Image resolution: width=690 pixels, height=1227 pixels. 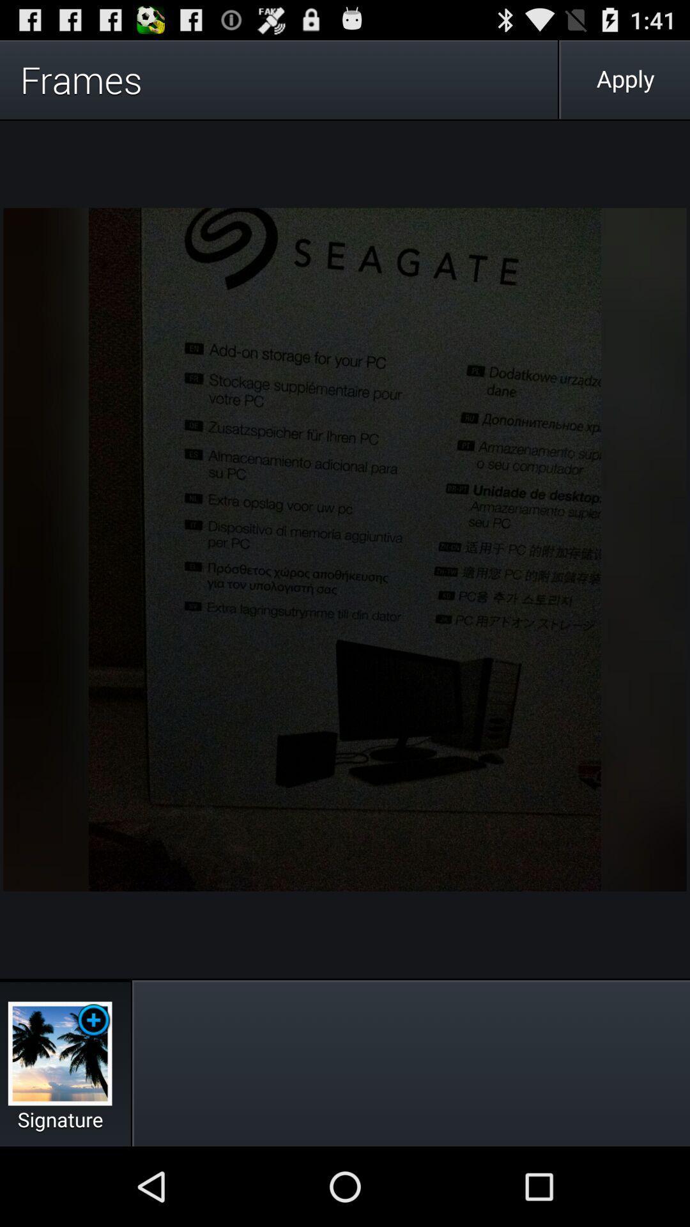 I want to click on apply item, so click(x=625, y=79).